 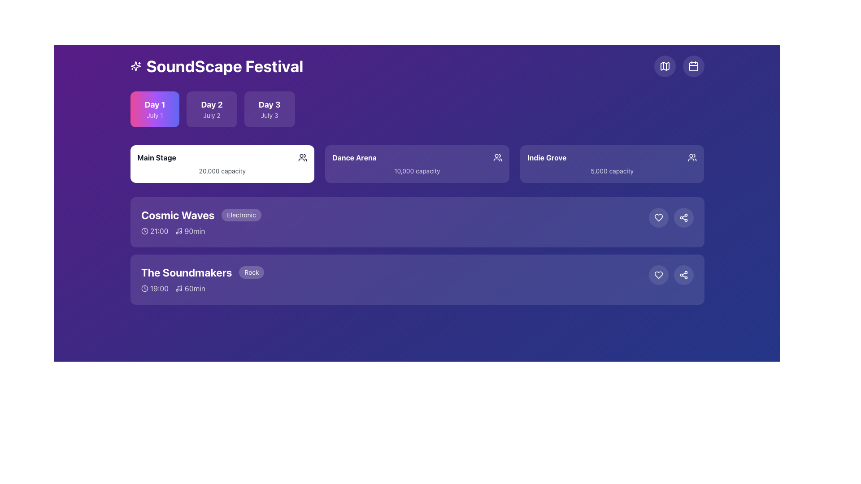 What do you see at coordinates (269, 104) in the screenshot?
I see `label for the button representing 'Day 3' of the event, which is located in the middle of the horizontal sequence of day selectors` at bounding box center [269, 104].